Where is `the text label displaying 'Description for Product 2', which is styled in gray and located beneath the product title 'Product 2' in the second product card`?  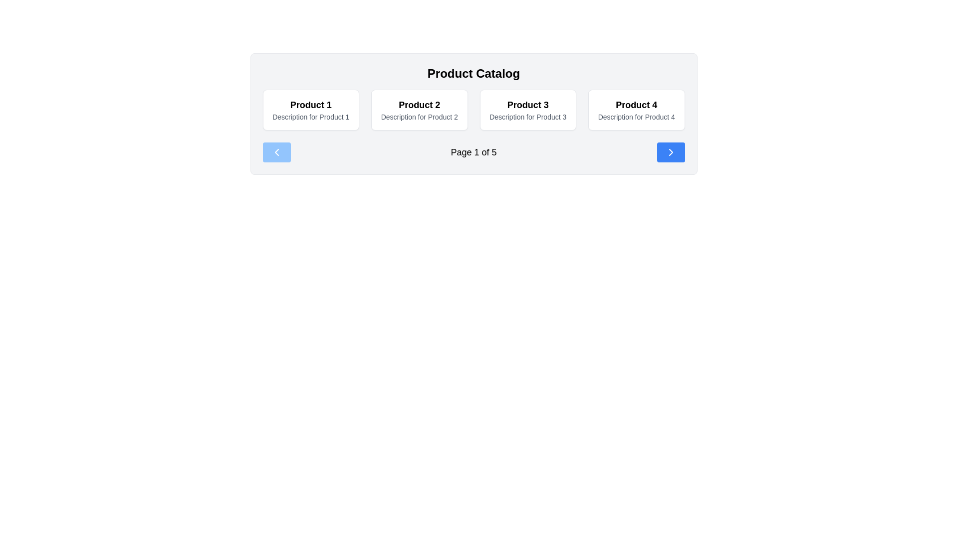
the text label displaying 'Description for Product 2', which is styled in gray and located beneath the product title 'Product 2' in the second product card is located at coordinates (419, 117).